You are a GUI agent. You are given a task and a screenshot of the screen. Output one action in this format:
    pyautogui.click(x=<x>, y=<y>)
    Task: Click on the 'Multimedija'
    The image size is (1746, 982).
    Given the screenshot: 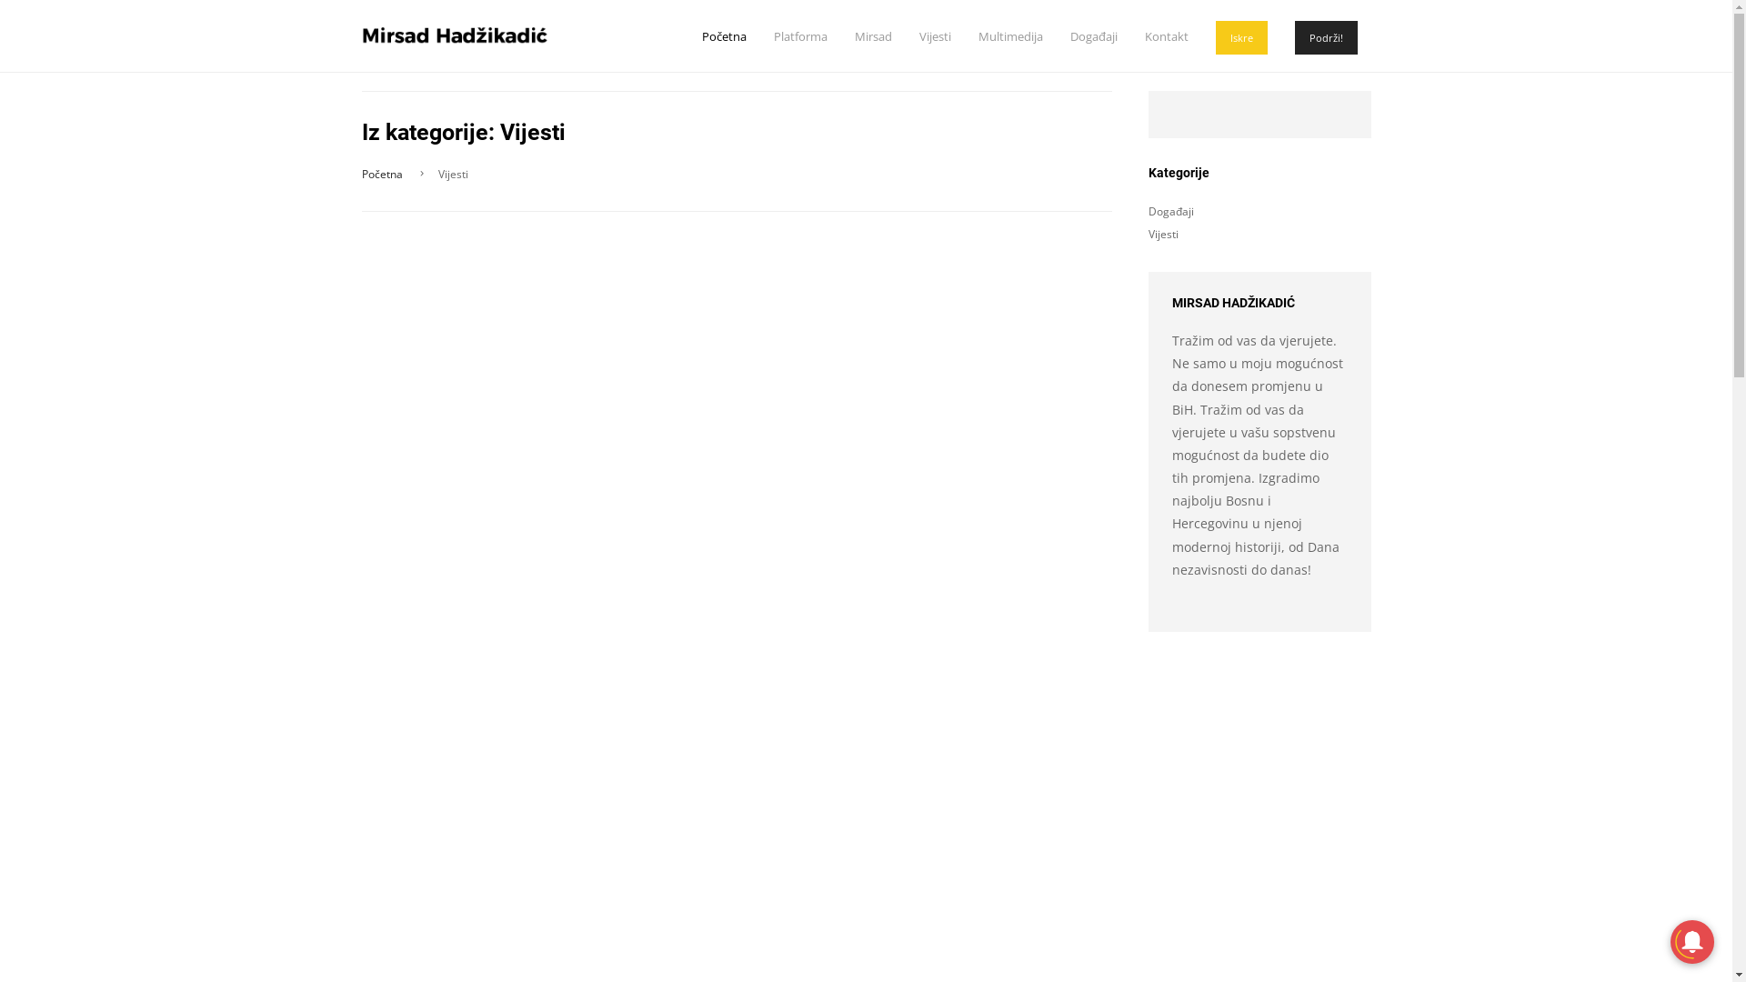 What is the action you would take?
    pyautogui.click(x=1009, y=35)
    